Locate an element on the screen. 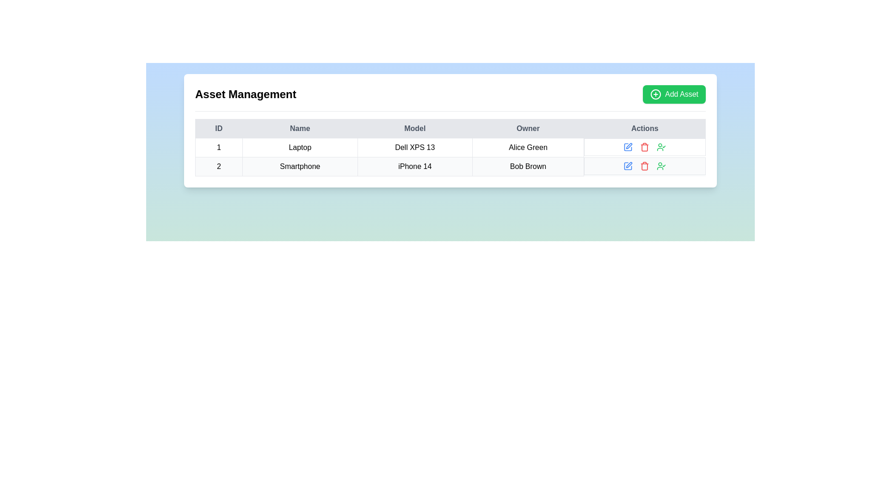 The width and height of the screenshot is (888, 500). the red-colored trash can icon in the 'Actions' column of the second data row is located at coordinates (644, 165).